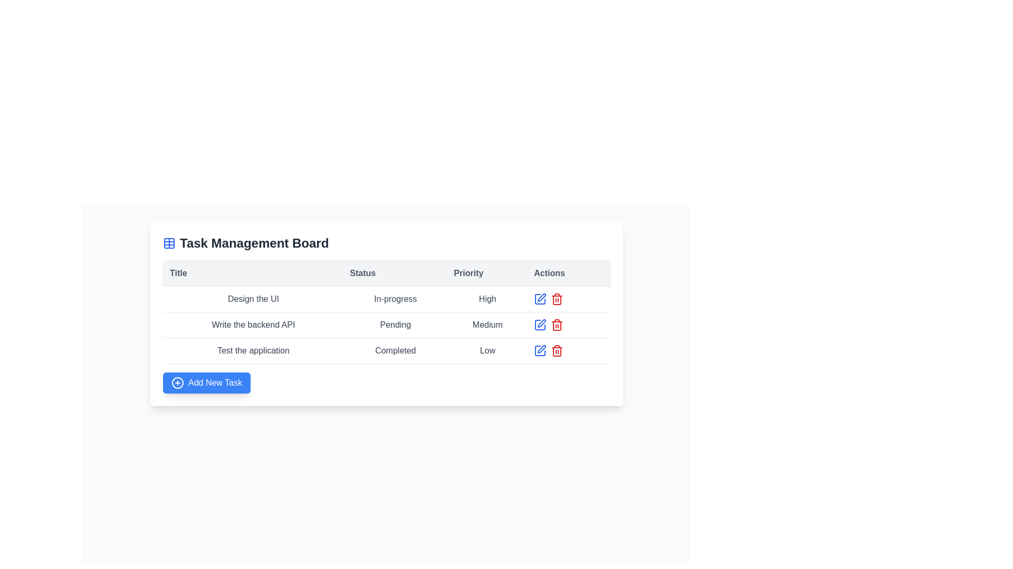 This screenshot has width=1013, height=569. Describe the element at coordinates (386, 325) in the screenshot. I see `the second row of the task management board` at that location.